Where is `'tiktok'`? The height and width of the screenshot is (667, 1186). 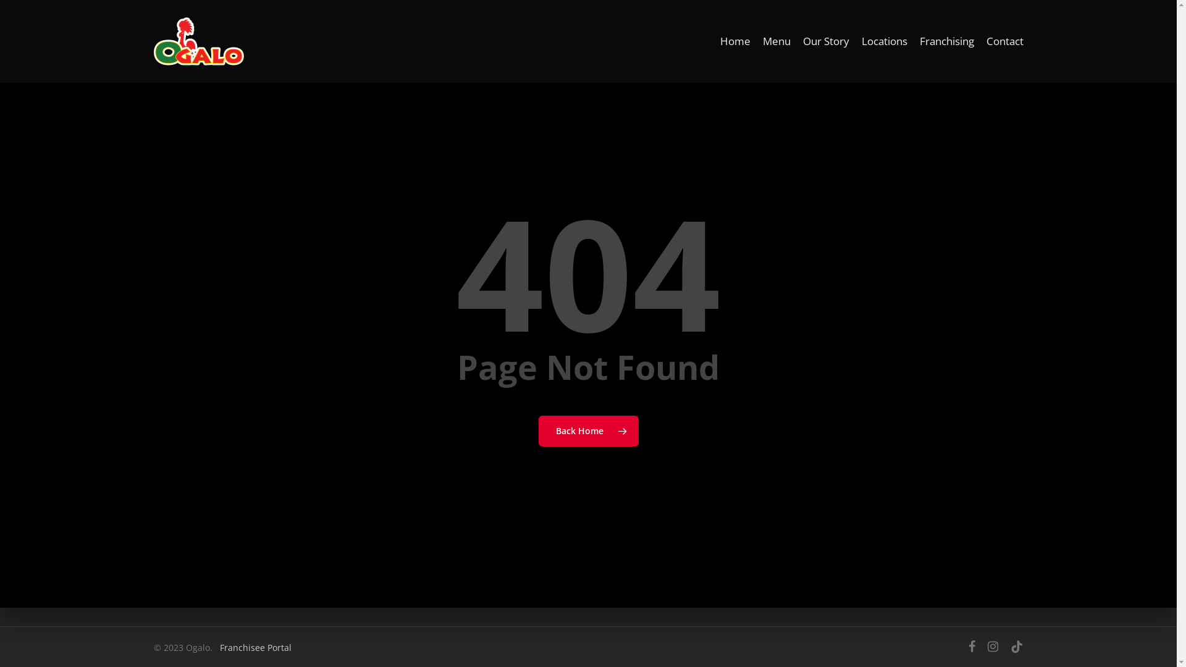
'tiktok' is located at coordinates (1017, 645).